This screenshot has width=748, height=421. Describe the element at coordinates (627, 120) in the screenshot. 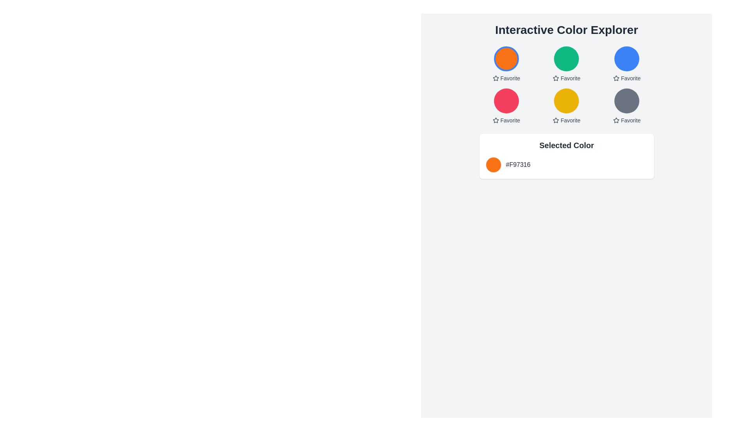

I see `the 'Favorite' button located in the bottom-right section of the grid, beneath the gray circle option, to mark it as favorite` at that location.